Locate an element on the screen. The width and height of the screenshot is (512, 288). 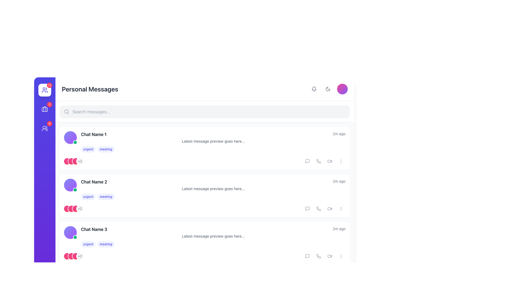
the search icon located at the left edge of the search input field, which represents the search functionality is located at coordinates (66, 111).